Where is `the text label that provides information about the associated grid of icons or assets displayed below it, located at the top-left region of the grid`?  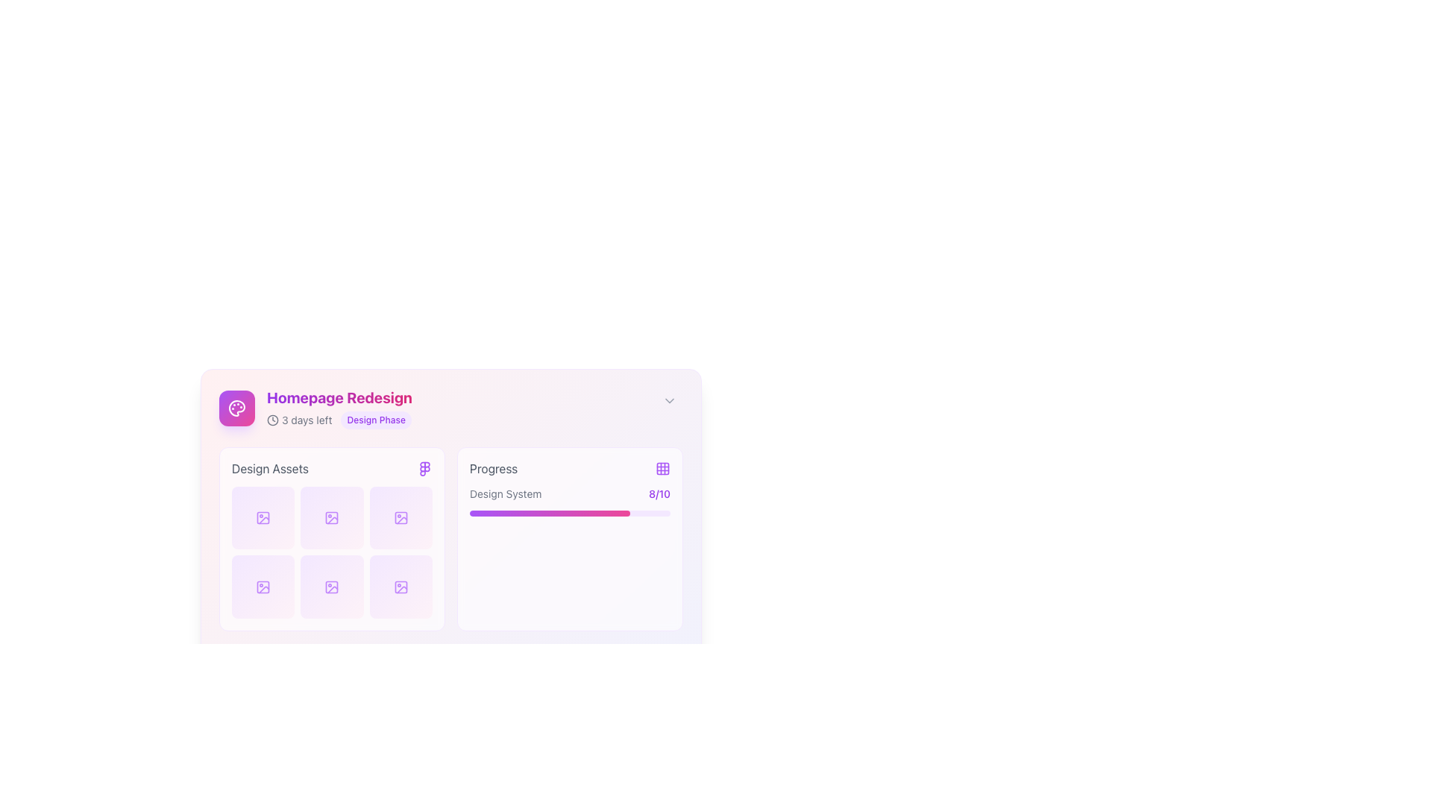 the text label that provides information about the associated grid of icons or assets displayed below it, located at the top-left region of the grid is located at coordinates (270, 467).